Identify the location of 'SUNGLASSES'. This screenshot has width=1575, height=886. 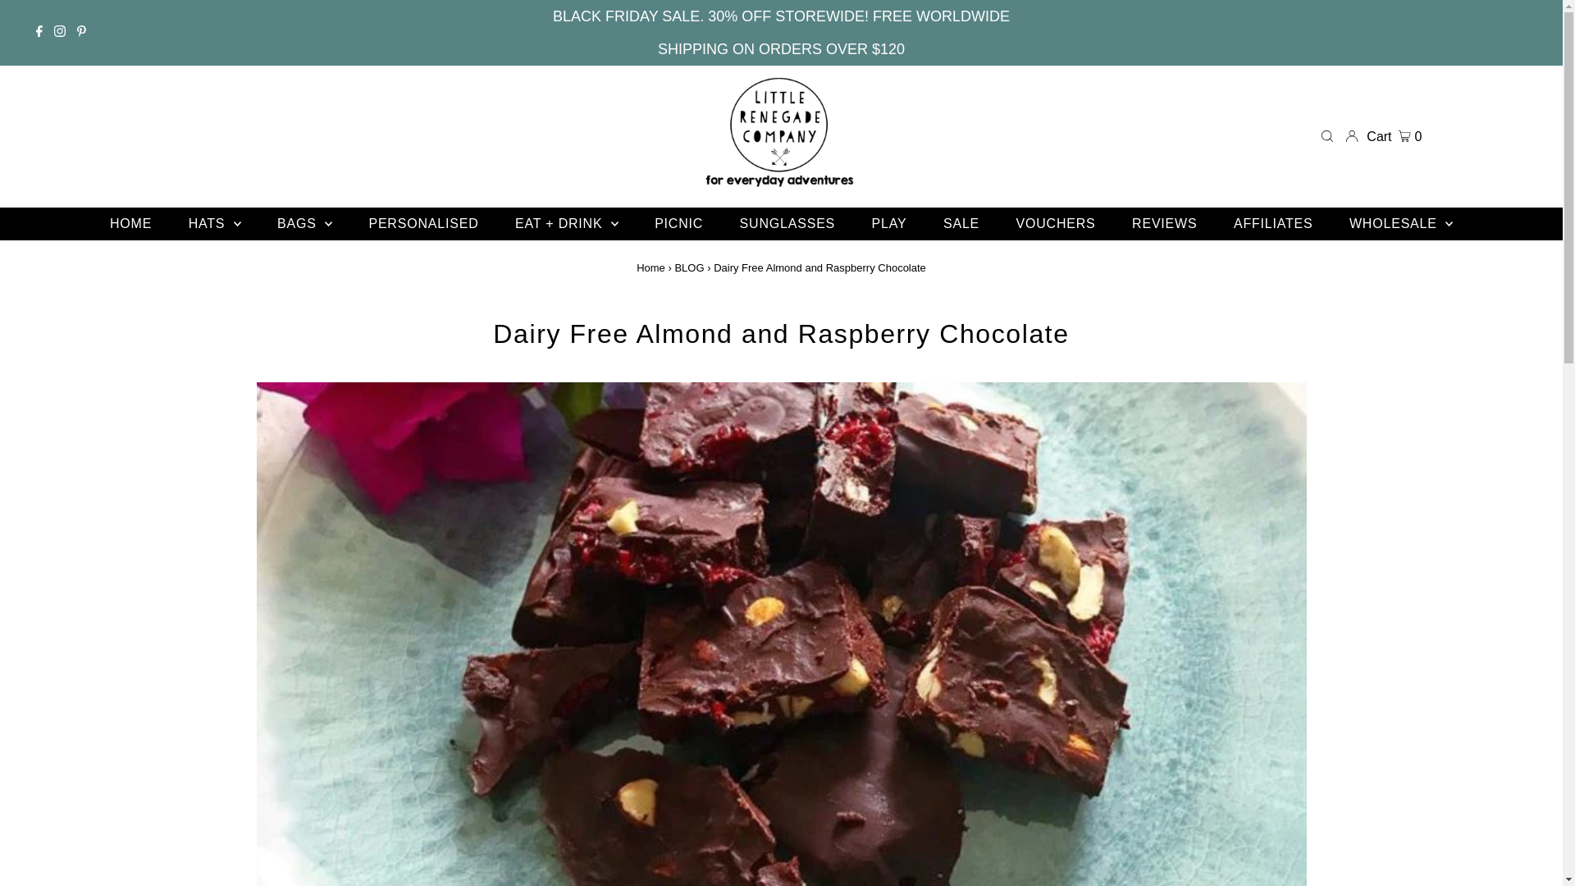
(723, 224).